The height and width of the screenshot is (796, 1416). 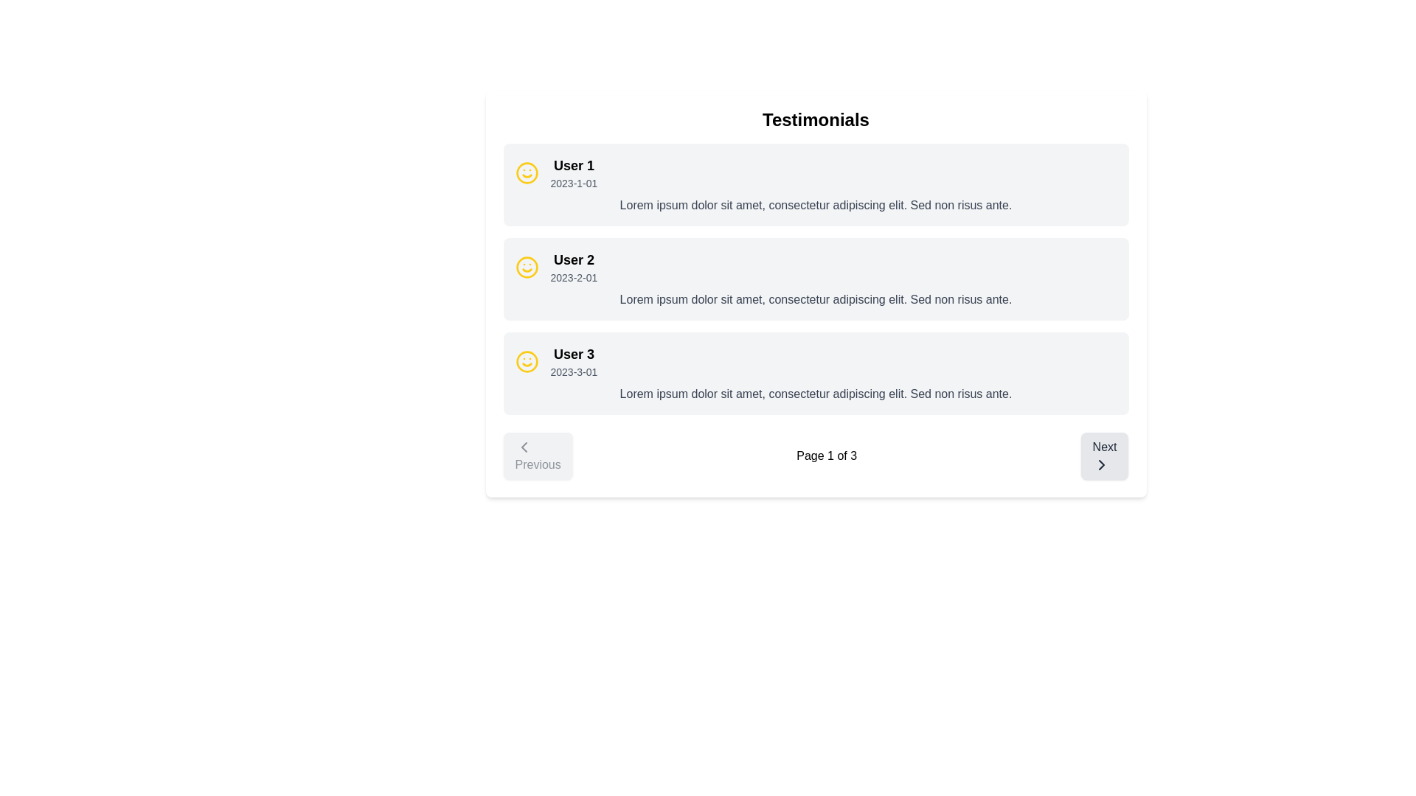 I want to click on the circular smiling face icon with yellow stroke color, which is the leftmost component of the card displaying 'User 3' and '2023-3-01' in the testimonial list, so click(x=527, y=361).